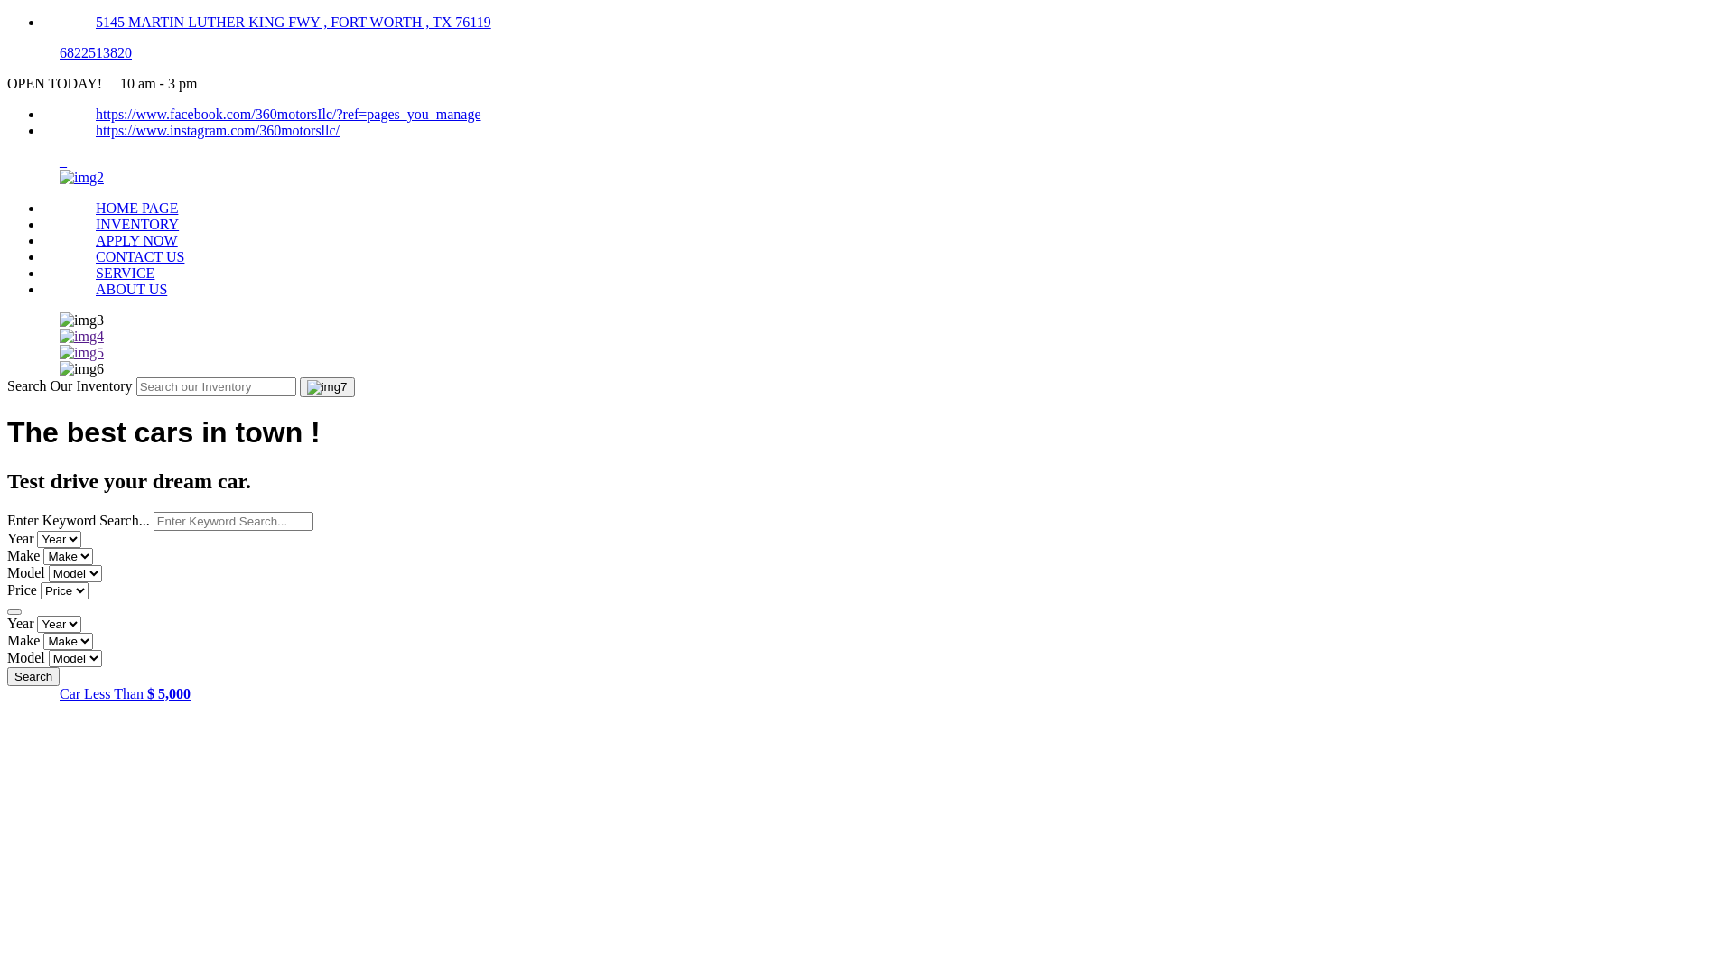  What do you see at coordinates (136, 223) in the screenshot?
I see `'INVENTORY'` at bounding box center [136, 223].